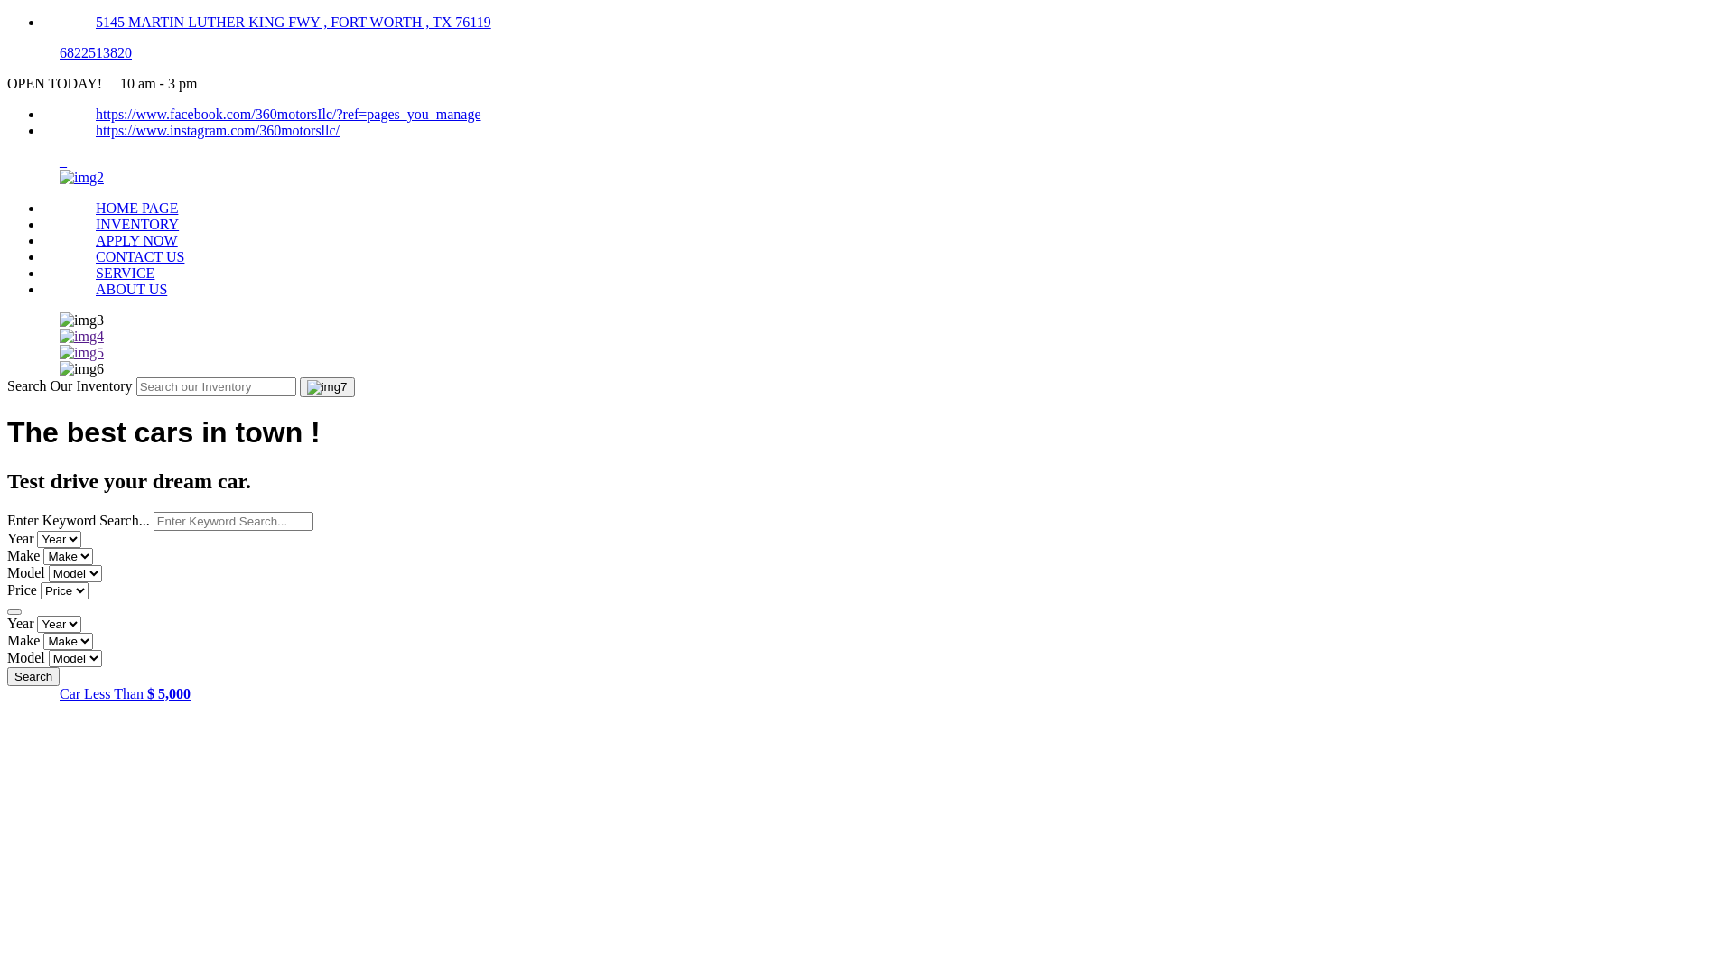  What do you see at coordinates (136, 223) in the screenshot?
I see `'INVENTORY'` at bounding box center [136, 223].